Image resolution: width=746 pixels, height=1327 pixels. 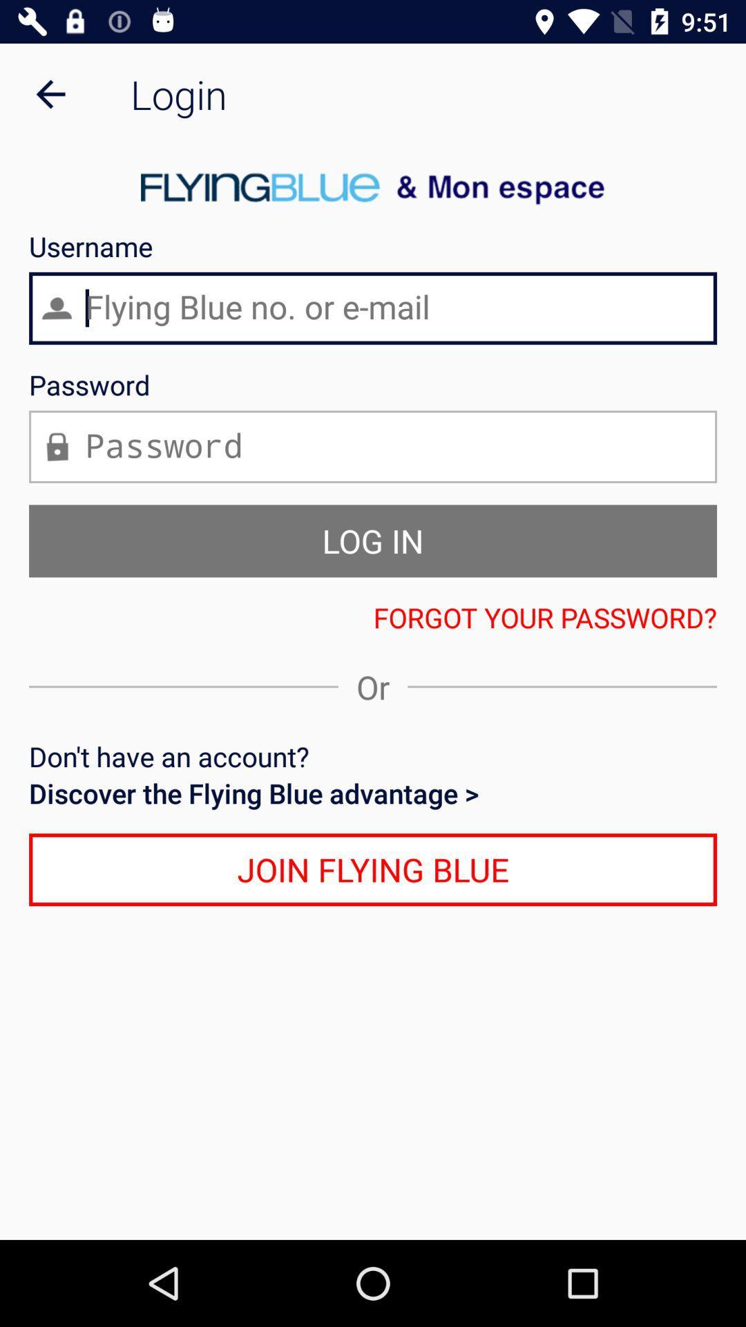 What do you see at coordinates (373, 793) in the screenshot?
I see `icon above the join flying blue icon` at bounding box center [373, 793].